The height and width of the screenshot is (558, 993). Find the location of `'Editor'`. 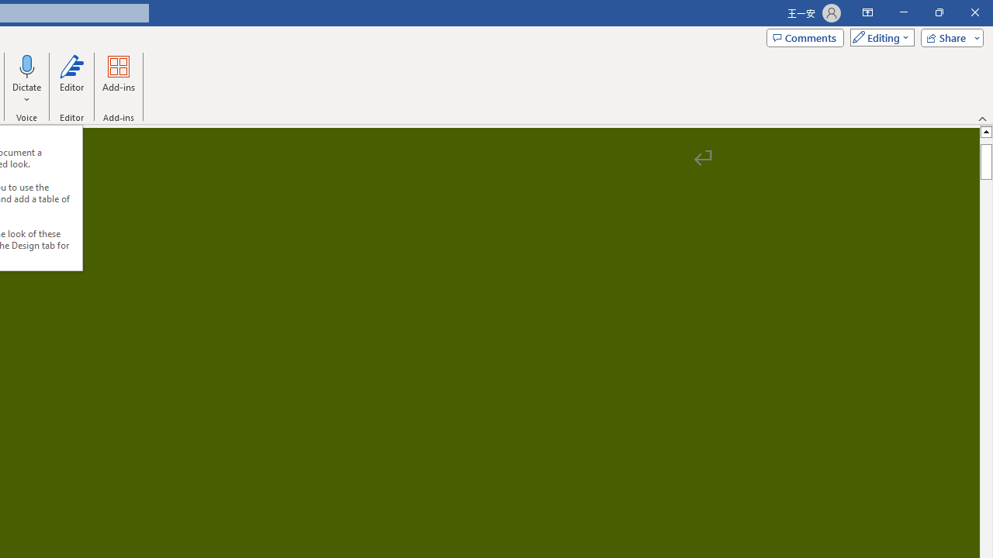

'Editor' is located at coordinates (71, 80).